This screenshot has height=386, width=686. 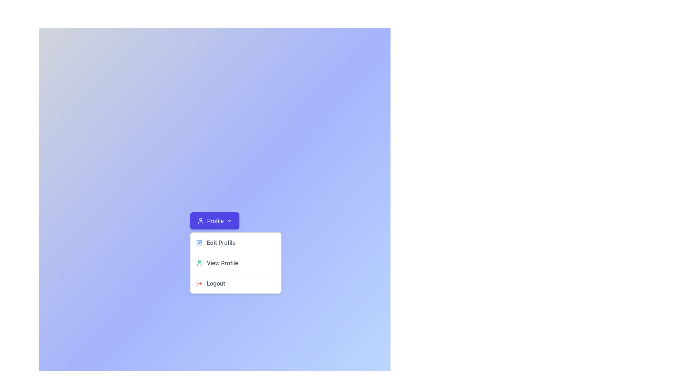 I want to click on the 'Logout' menu item, which is the third option in the dropdown menu, featuring a red logout icon and white background, to initiate logout, so click(x=235, y=283).